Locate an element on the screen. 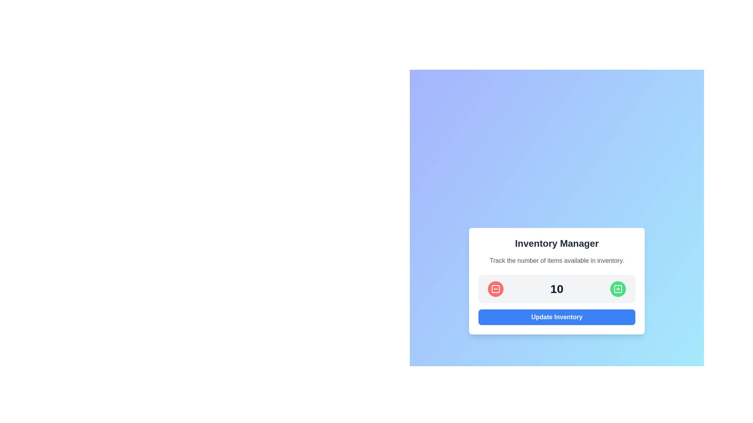 This screenshot has width=753, height=423. the green square shape with rounded corners that contains a plus icon, located at the bottom right of the numeric counter within the inventory tracking card is located at coordinates (617, 289).